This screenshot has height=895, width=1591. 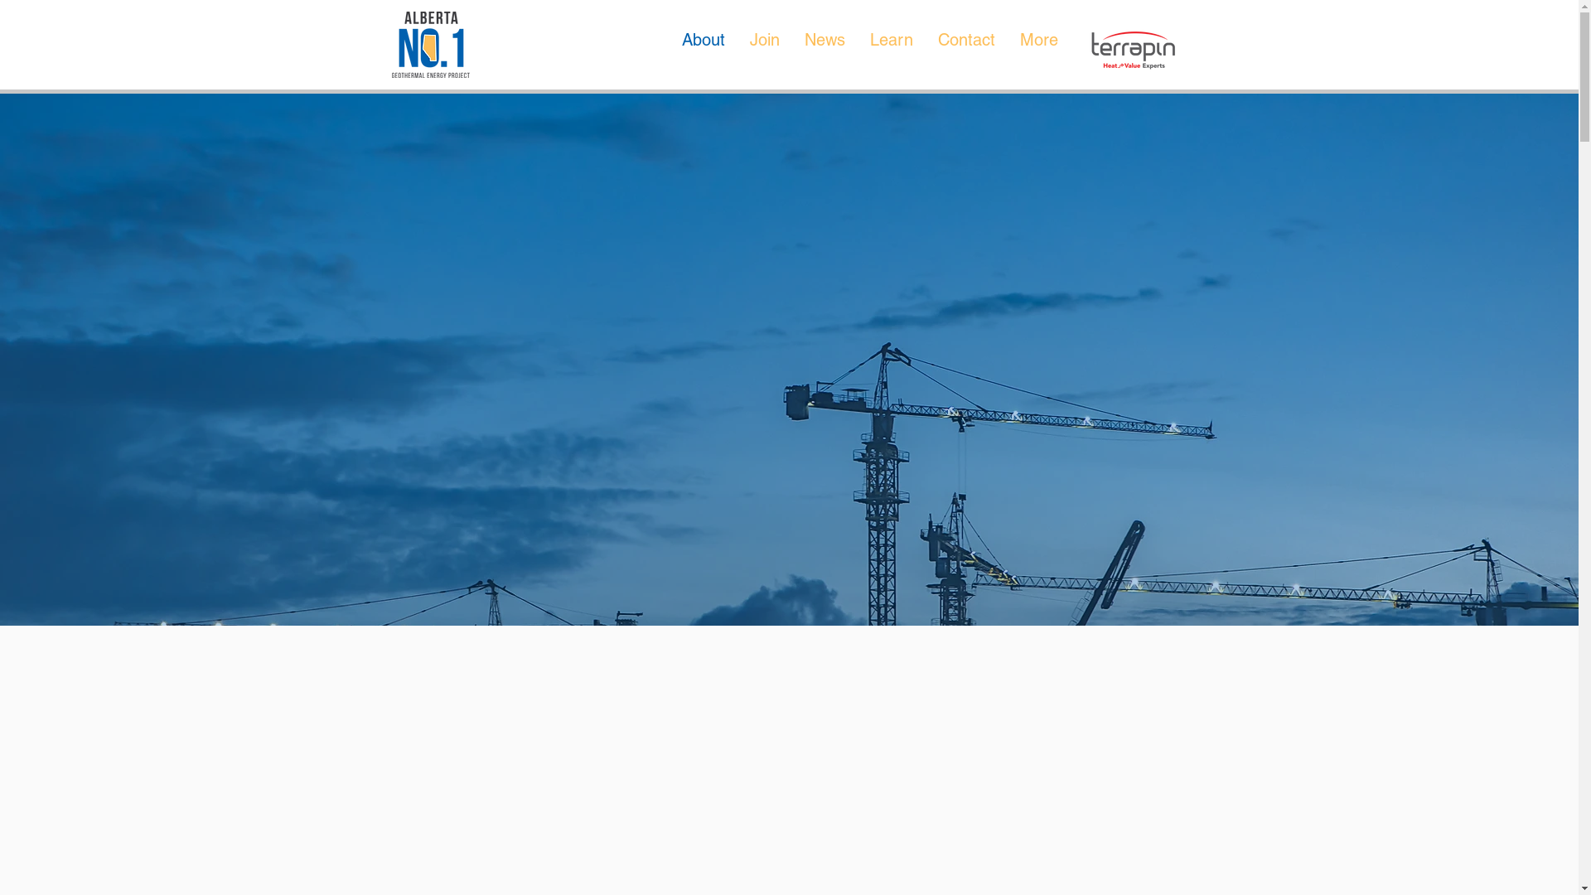 What do you see at coordinates (965, 47) in the screenshot?
I see `'Contact'` at bounding box center [965, 47].